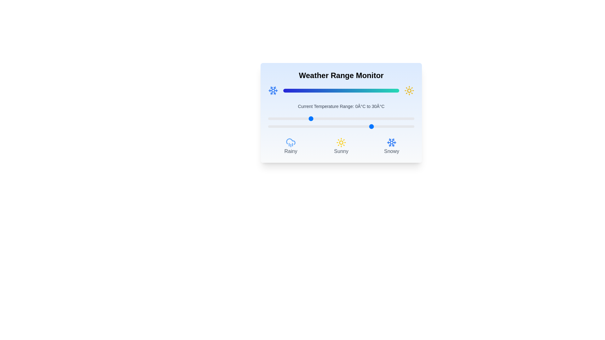  What do you see at coordinates (391, 142) in the screenshot?
I see `the snowy weather icon located in the bottom-right corner of the weather display card, which is positioned above the 'Snowy' label text` at bounding box center [391, 142].